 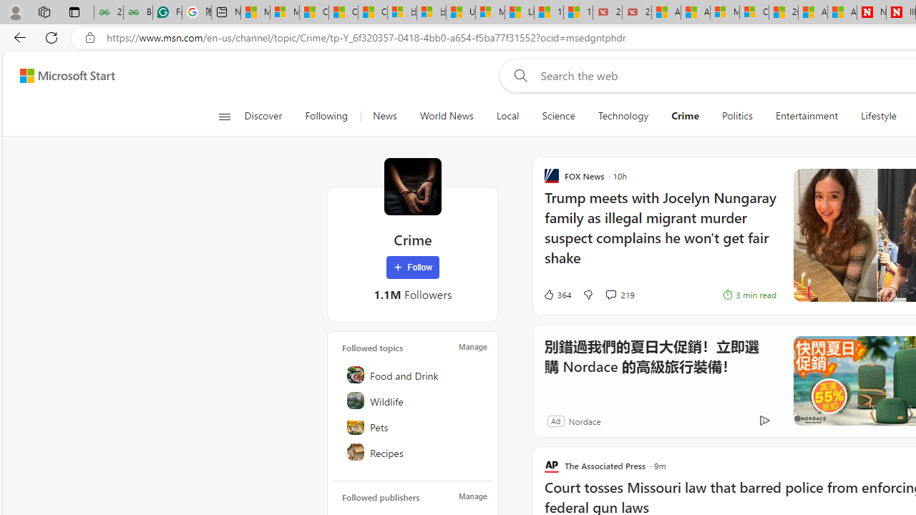 I want to click on 'Cloud Computing Services | Microsoft Azure', so click(x=754, y=12).